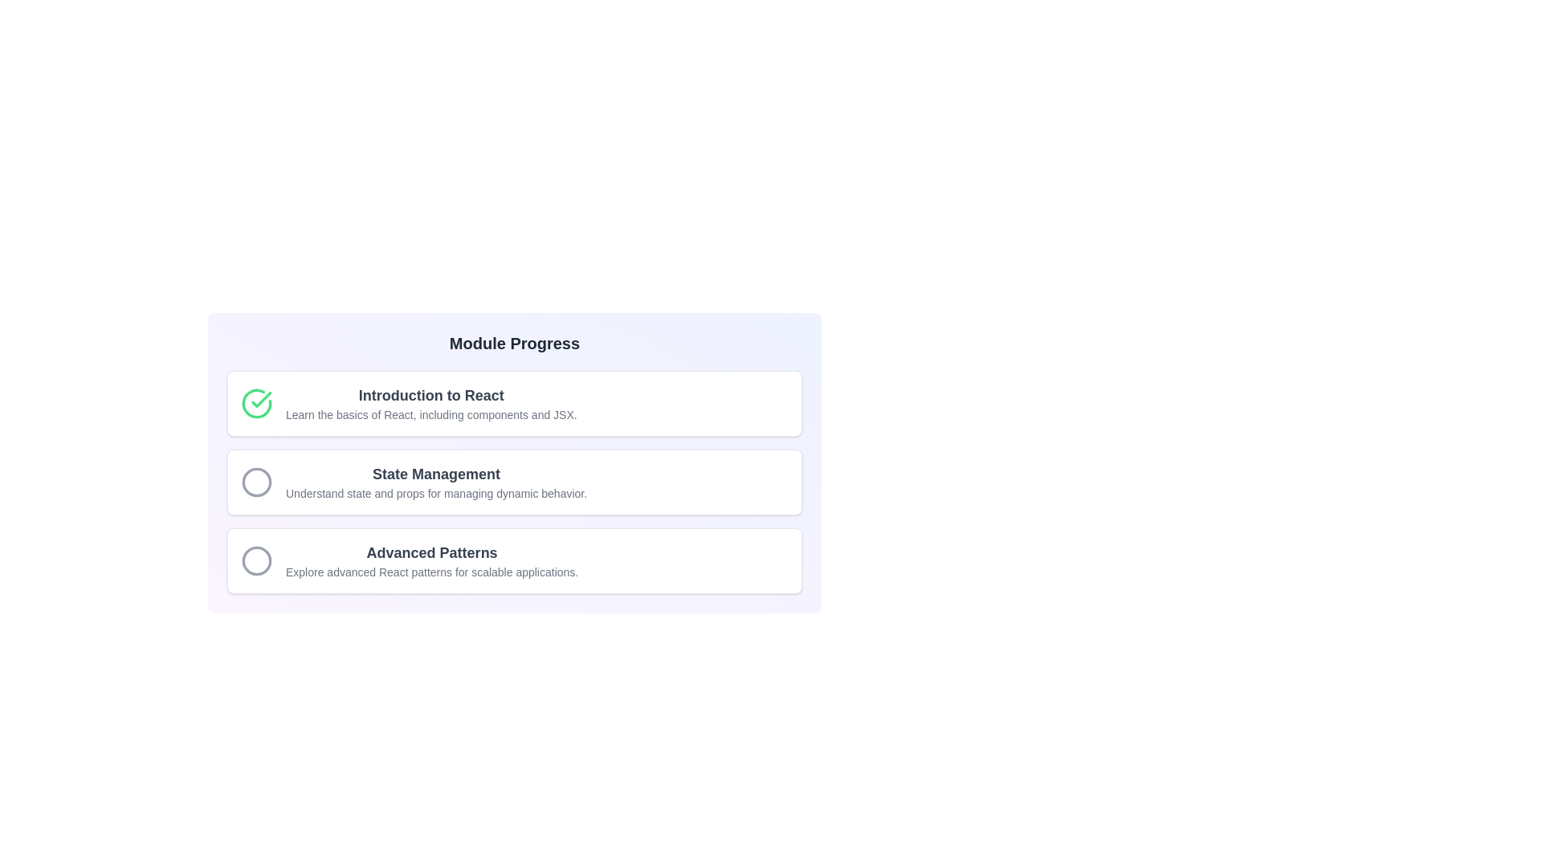 This screenshot has height=867, width=1542. I want to click on the Informational panel that provides details about the 'State Management' topic, located below the 'Introduction to React' section and above the 'Advanced Patterns' section, so click(515, 482).